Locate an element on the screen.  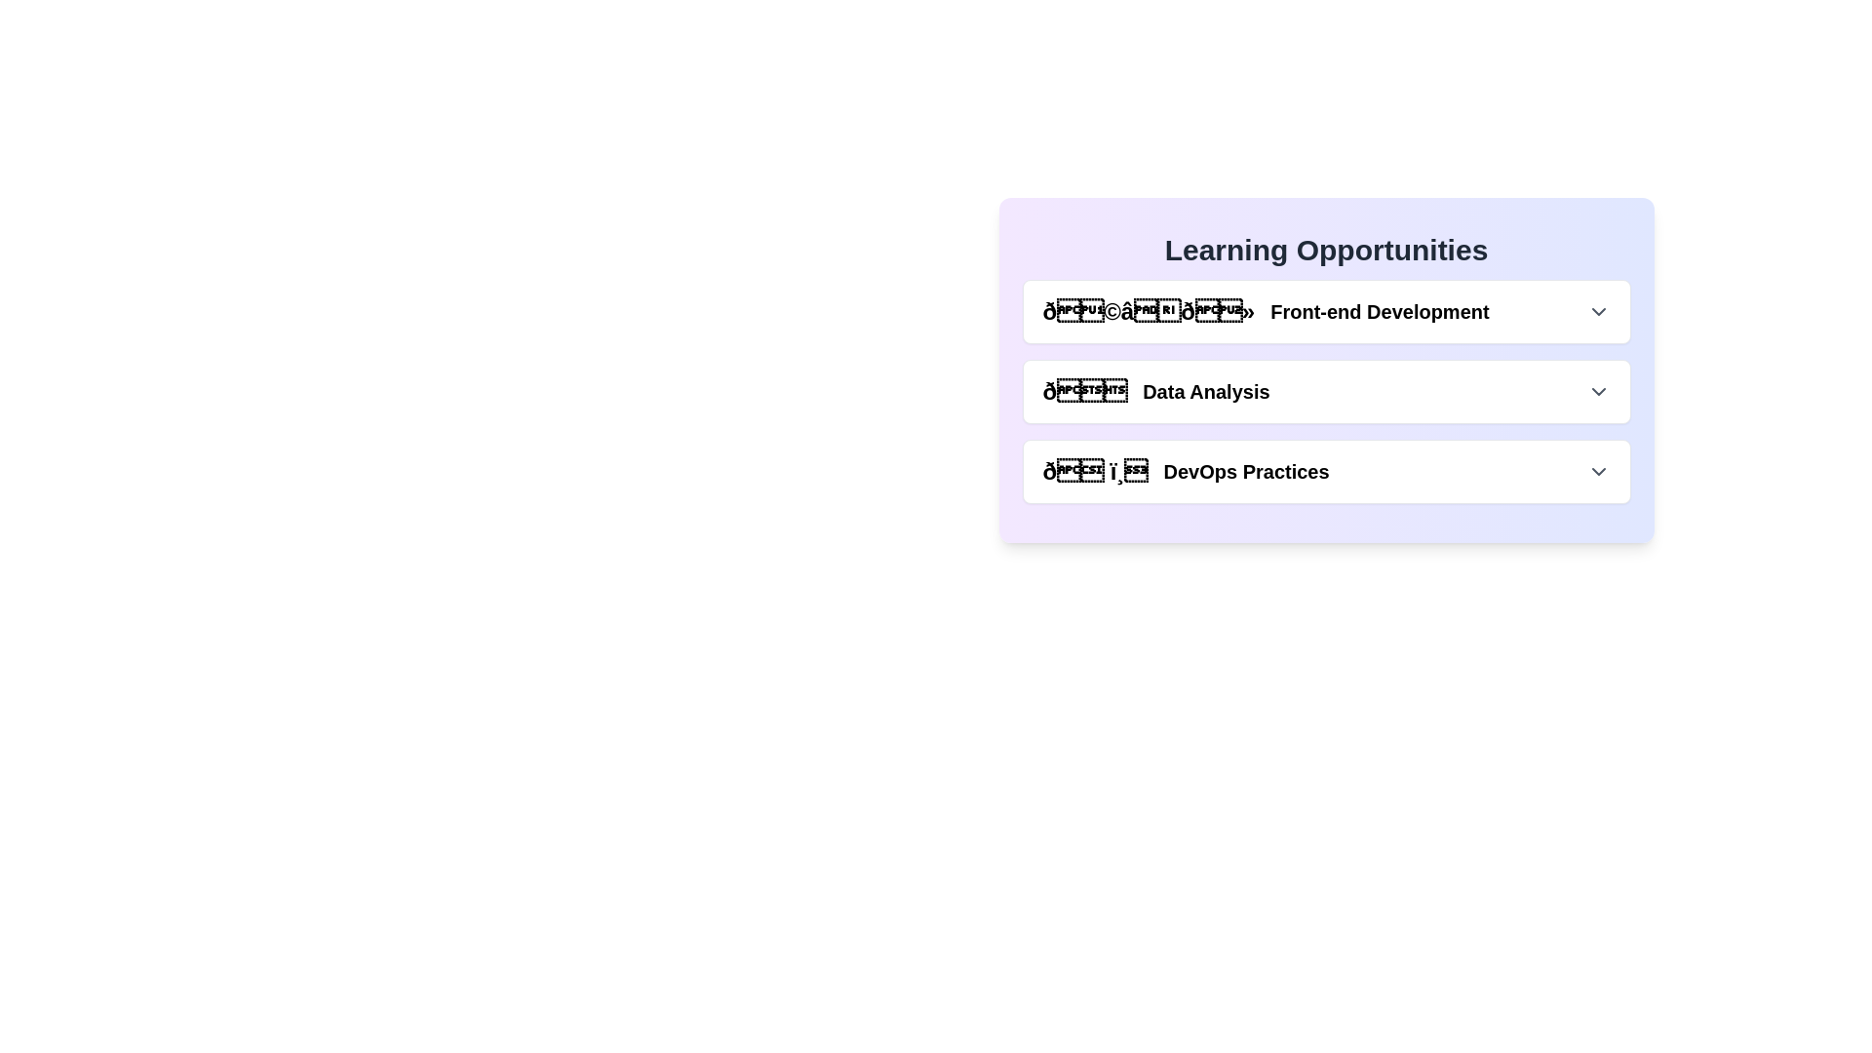
the 'Data Analysis' text label is located at coordinates (1205, 391).